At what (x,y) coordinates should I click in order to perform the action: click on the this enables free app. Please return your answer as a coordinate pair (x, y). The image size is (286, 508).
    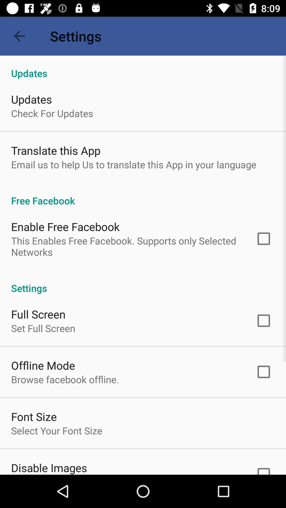
    Looking at the image, I should click on (126, 246).